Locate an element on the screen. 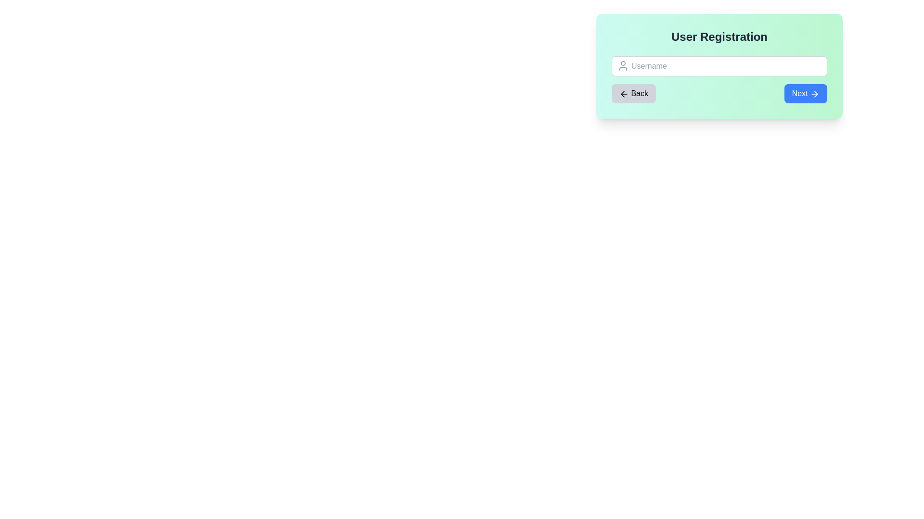 The width and height of the screenshot is (924, 519). the rightmost button labeled 'Next' with a blue background and white text to proceed in the User Registration section is located at coordinates (806, 94).